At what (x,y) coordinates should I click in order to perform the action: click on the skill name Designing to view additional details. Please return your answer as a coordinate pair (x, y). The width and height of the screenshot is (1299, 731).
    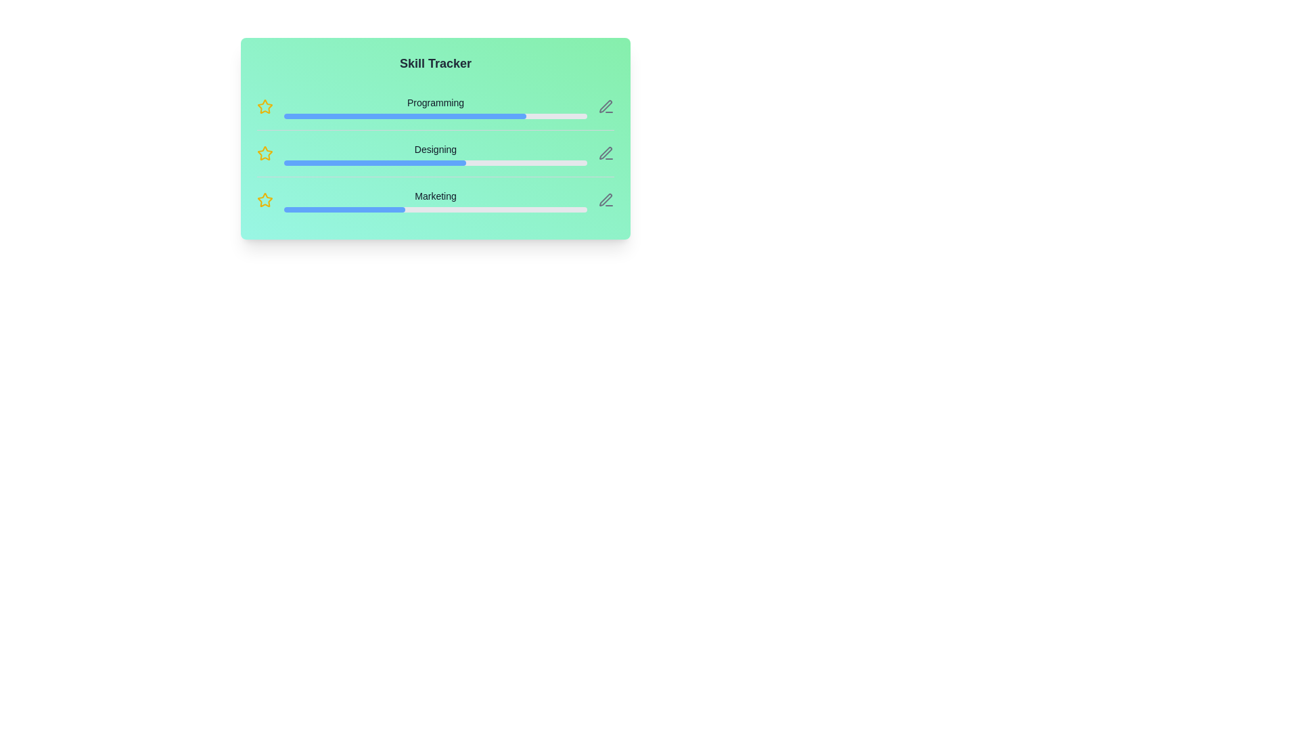
    Looking at the image, I should click on (435, 149).